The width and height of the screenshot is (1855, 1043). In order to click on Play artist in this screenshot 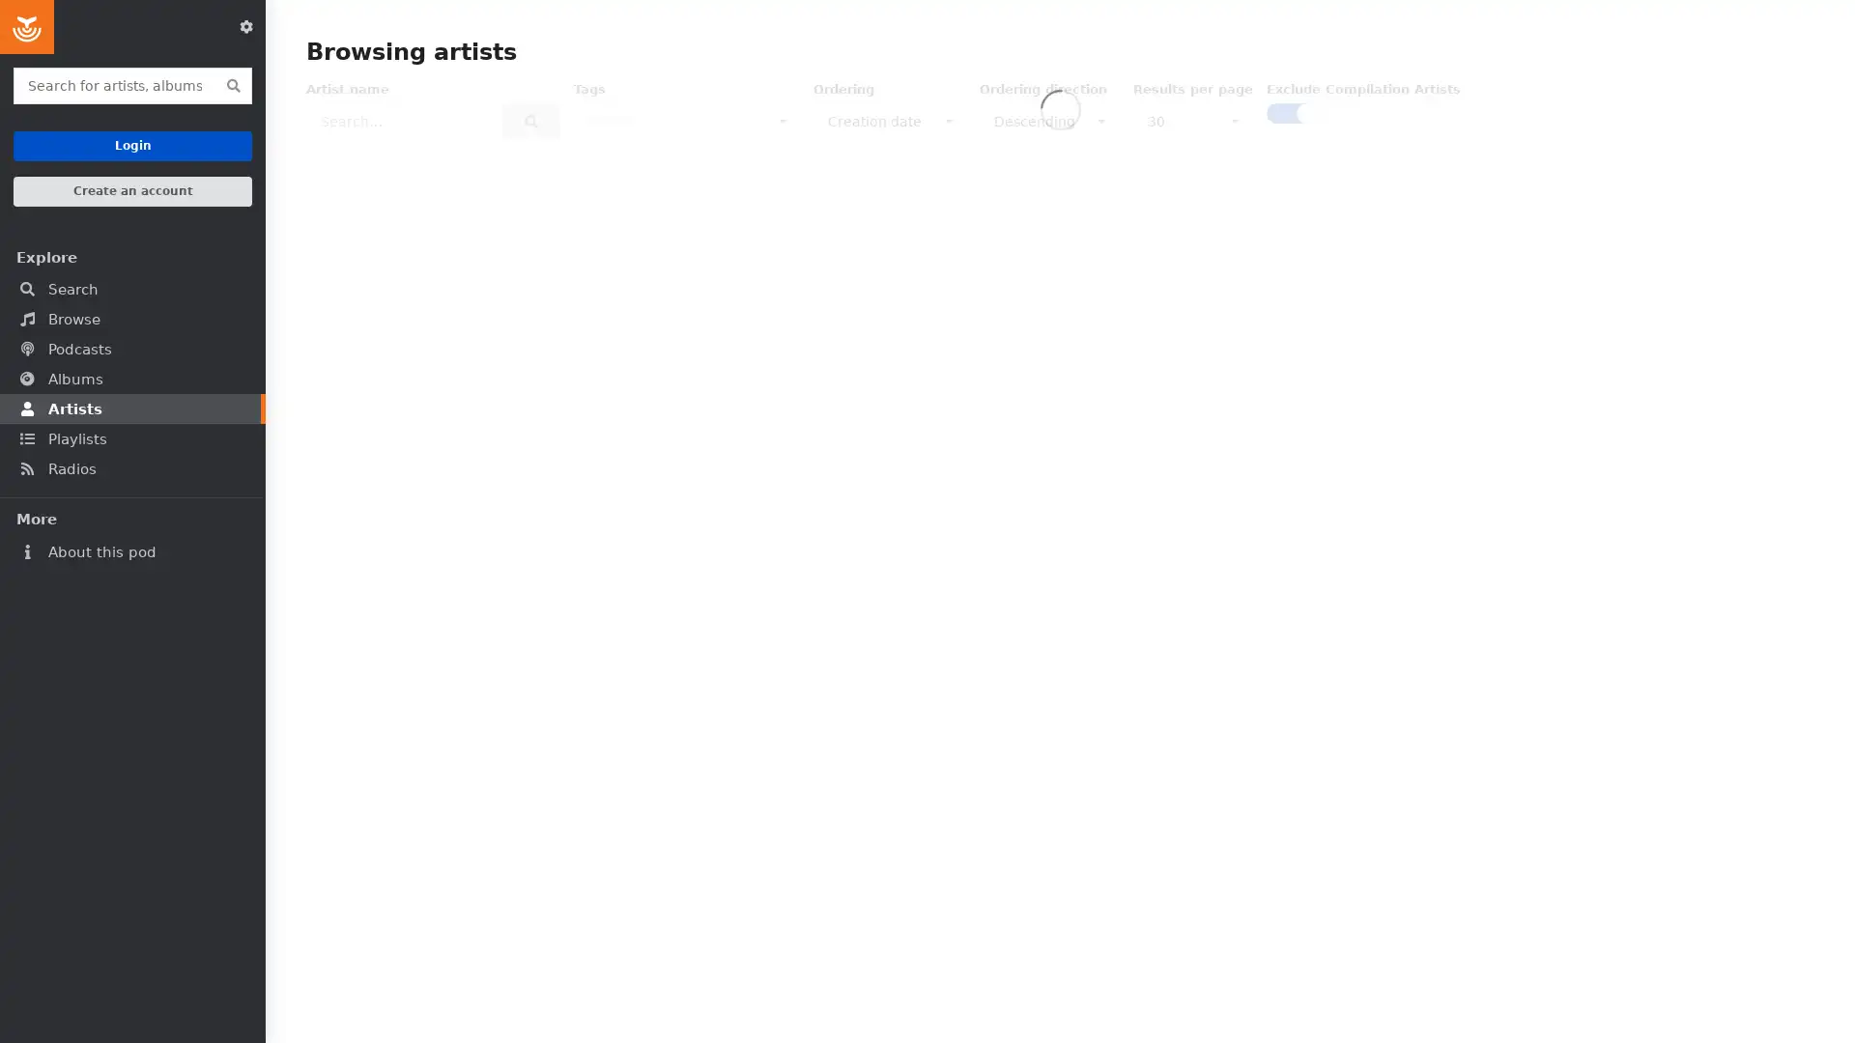, I will do `click(677, 664)`.